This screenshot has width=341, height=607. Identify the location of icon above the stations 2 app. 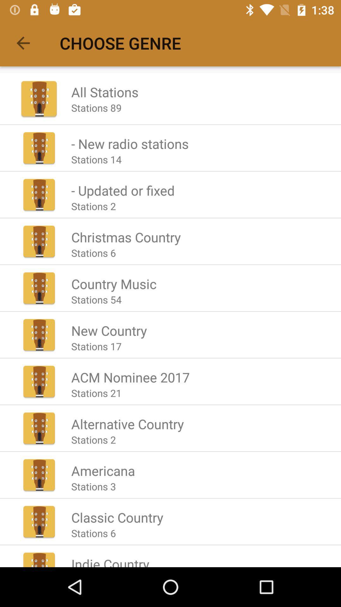
(128, 424).